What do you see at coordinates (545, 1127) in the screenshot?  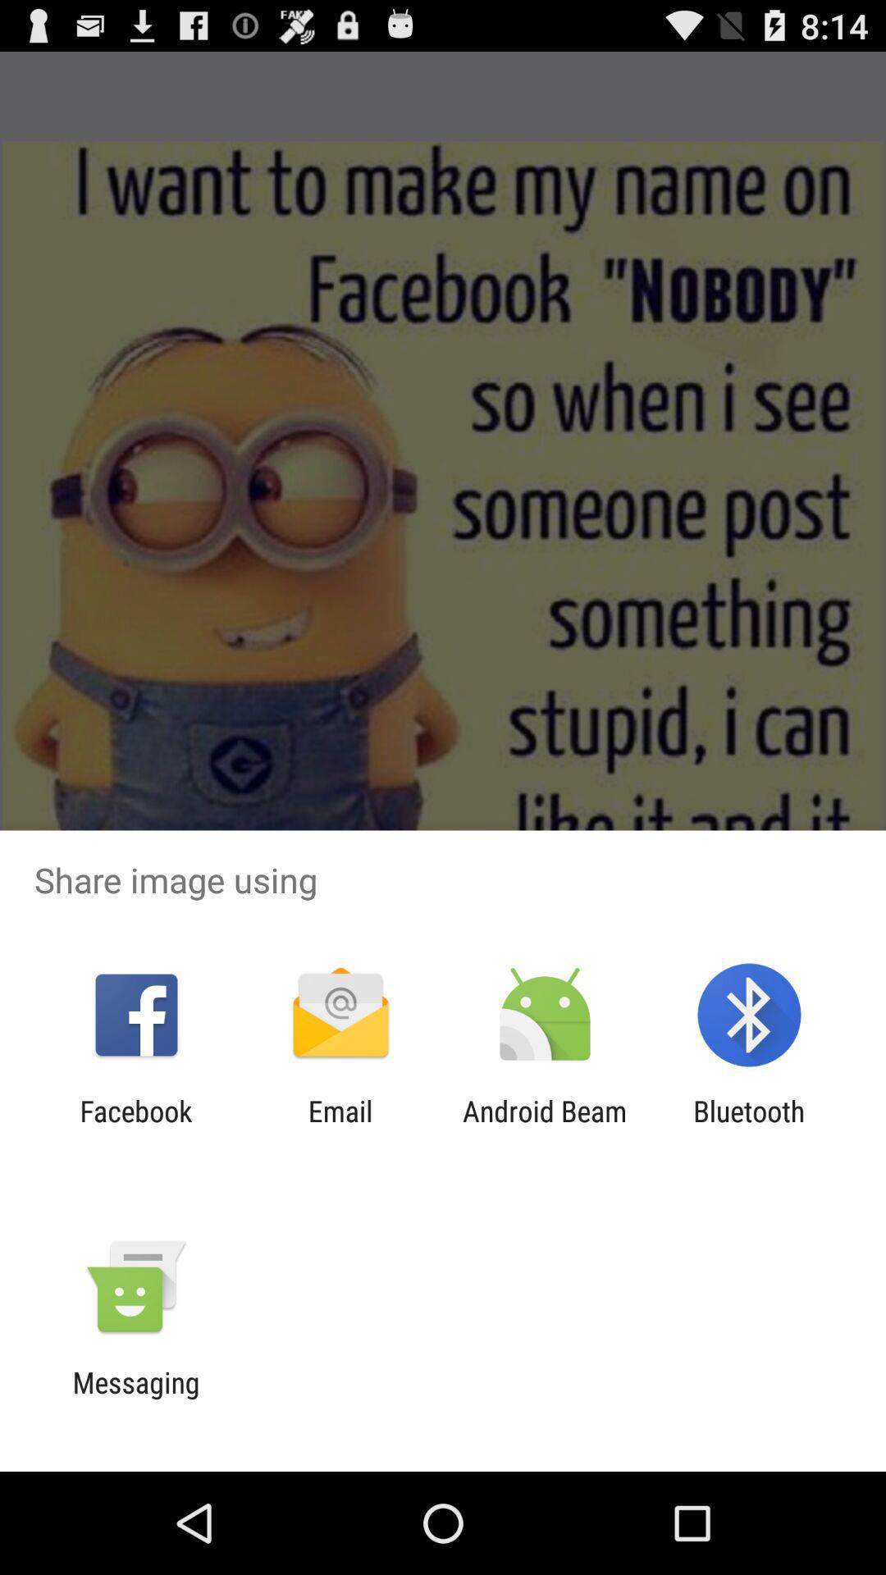 I see `icon next to the email item` at bounding box center [545, 1127].